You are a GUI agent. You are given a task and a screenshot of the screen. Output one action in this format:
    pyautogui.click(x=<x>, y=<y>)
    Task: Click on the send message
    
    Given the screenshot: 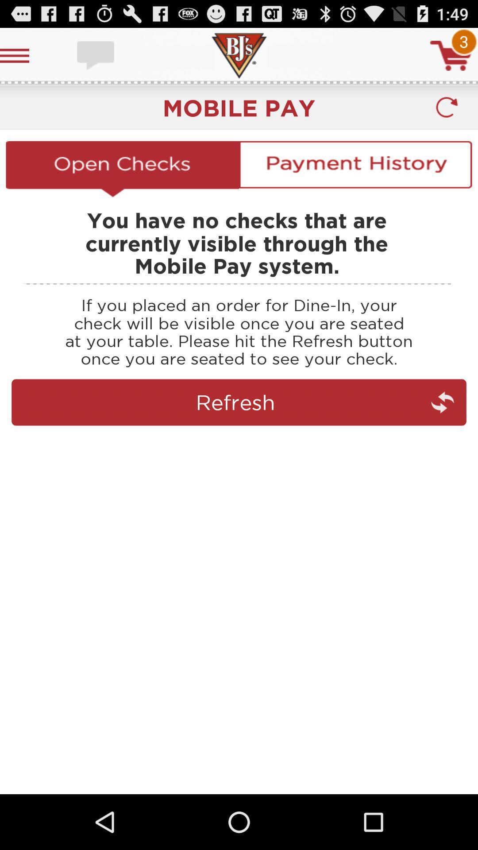 What is the action you would take?
    pyautogui.click(x=96, y=55)
    